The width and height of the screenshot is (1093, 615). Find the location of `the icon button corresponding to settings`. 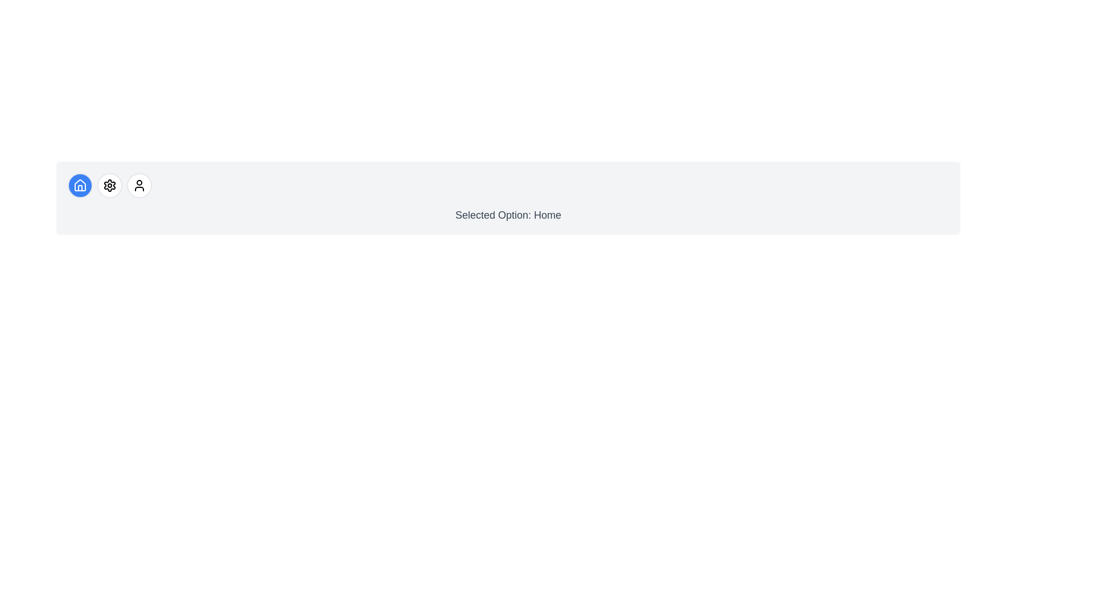

the icon button corresponding to settings is located at coordinates (109, 185).